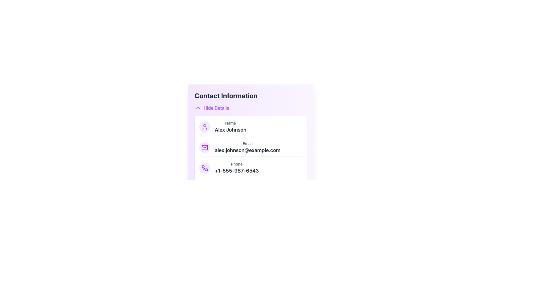  What do you see at coordinates (250, 169) in the screenshot?
I see `the third Contact Information Entry element to copy the phone number, which features a purple phone icon on the left with a label above and the phone number below` at bounding box center [250, 169].